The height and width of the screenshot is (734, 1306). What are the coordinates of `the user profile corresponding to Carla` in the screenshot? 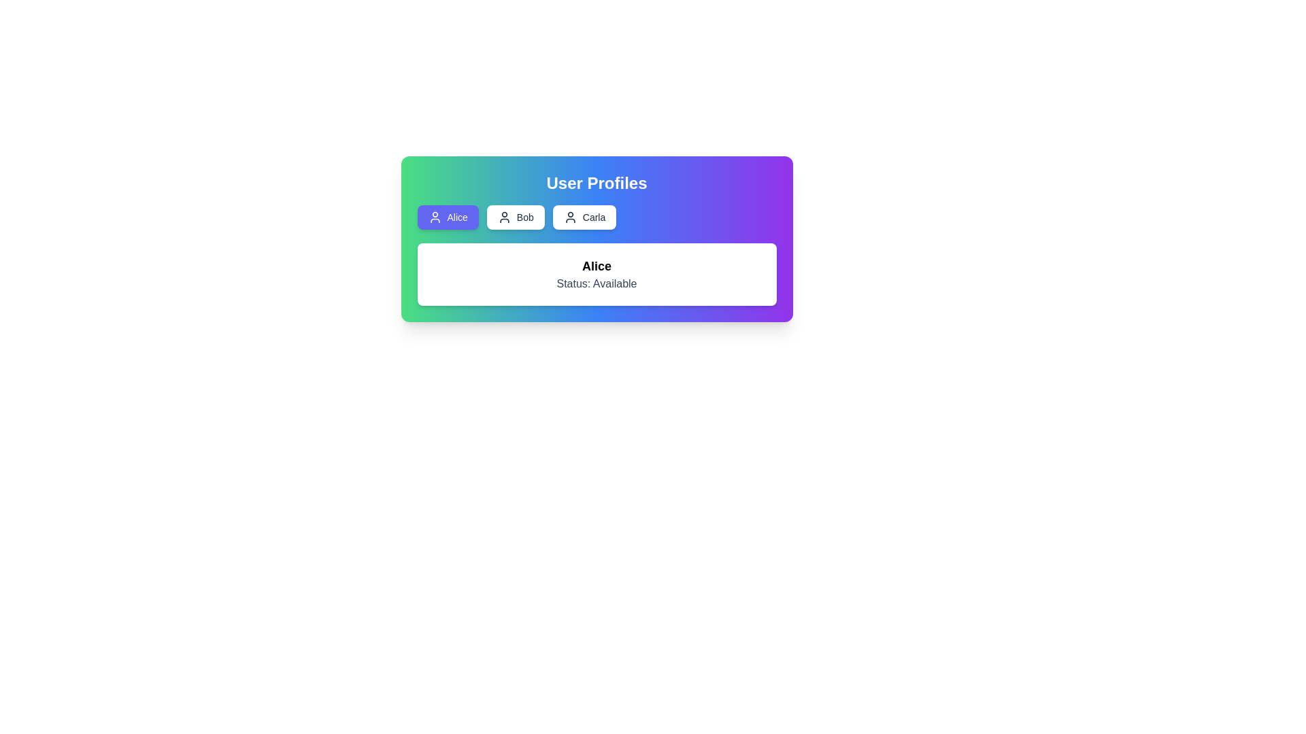 It's located at (584, 217).